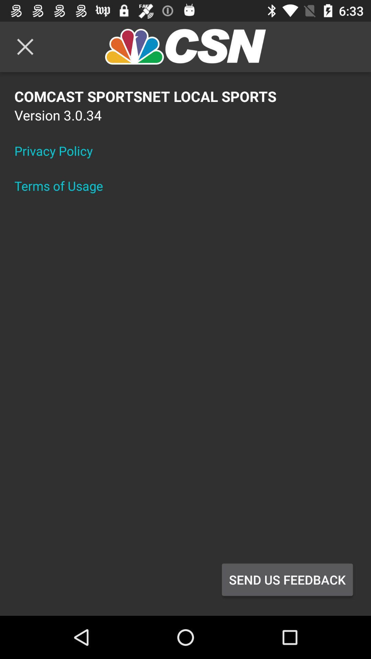 The image size is (371, 659). I want to click on icon at the bottom right corner, so click(287, 579).